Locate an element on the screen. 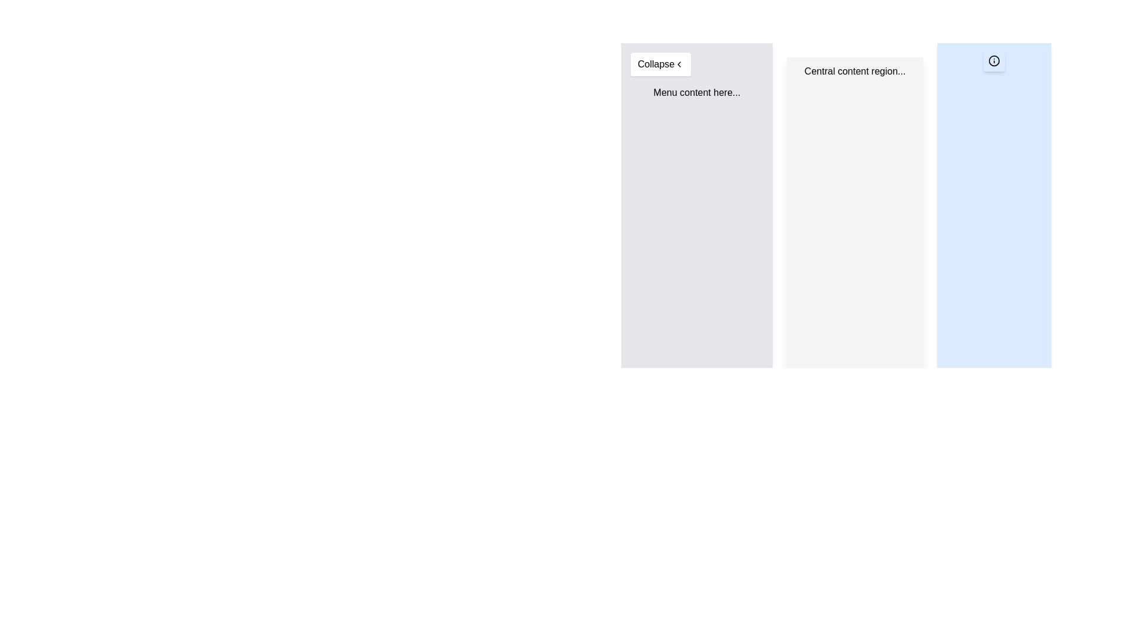 This screenshot has height=639, width=1137. the text element displaying 'Menu content here...' which is situated below the 'Collapse' button in the left side panel is located at coordinates (696, 92).